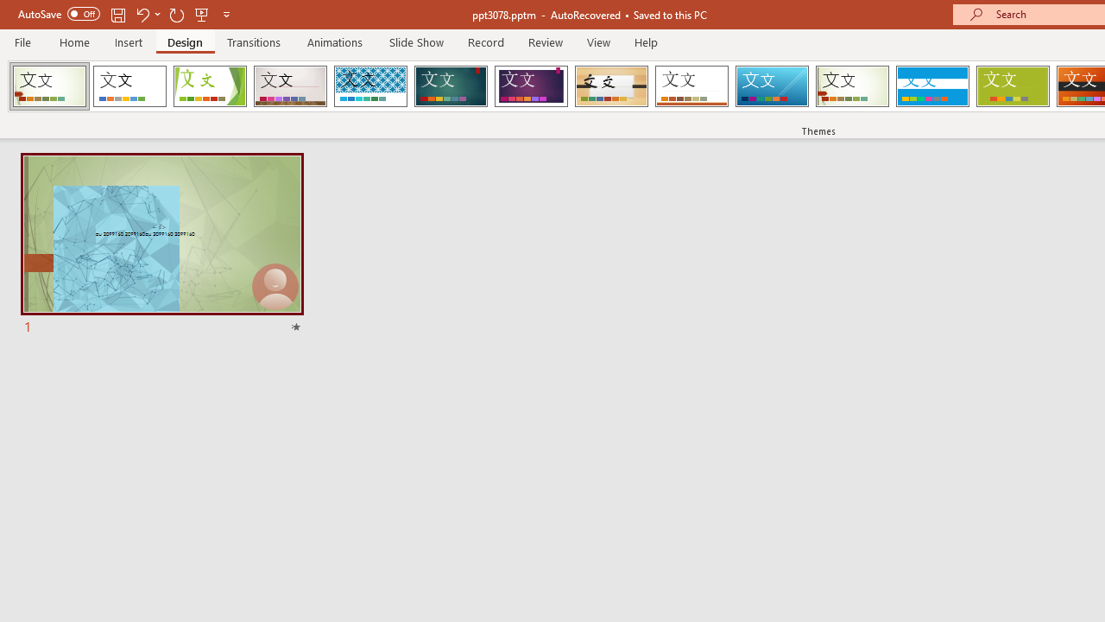 The height and width of the screenshot is (622, 1105). What do you see at coordinates (530, 86) in the screenshot?
I see `'Ion Boardroom'` at bounding box center [530, 86].